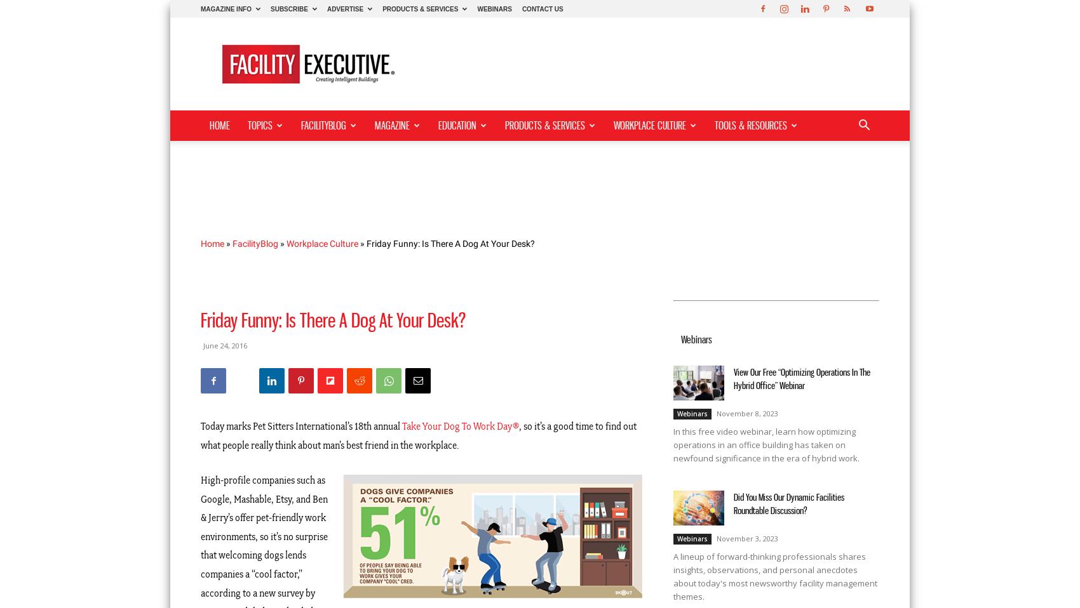 This screenshot has height=608, width=1080. I want to click on 'High-profile companies such as Google, Mashable, Etsy, and Ben & Jerry’s offer pet-friendly work environments, so it’s no surprise that welcoming dogs lends companies a “cool factor,” according to a new survey by', so click(263, 535).